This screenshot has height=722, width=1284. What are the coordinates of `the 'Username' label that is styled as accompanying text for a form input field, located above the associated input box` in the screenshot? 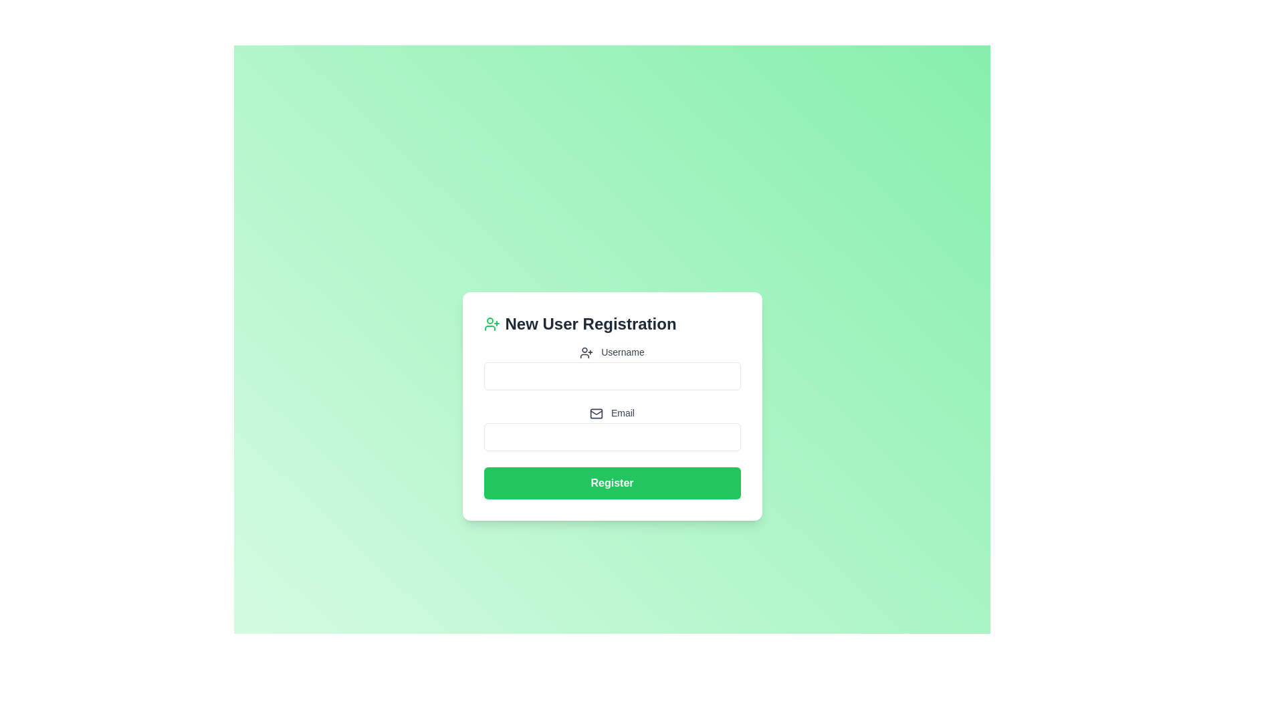 It's located at (611, 352).